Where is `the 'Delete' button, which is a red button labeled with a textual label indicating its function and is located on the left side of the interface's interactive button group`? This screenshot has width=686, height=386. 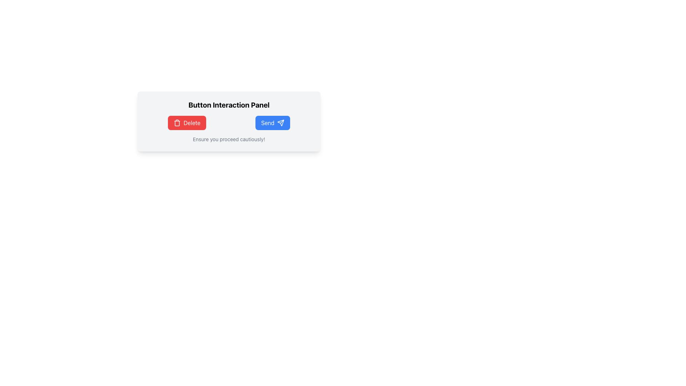 the 'Delete' button, which is a red button labeled with a textual label indicating its function and is located on the left side of the interface's interactive button group is located at coordinates (192, 122).